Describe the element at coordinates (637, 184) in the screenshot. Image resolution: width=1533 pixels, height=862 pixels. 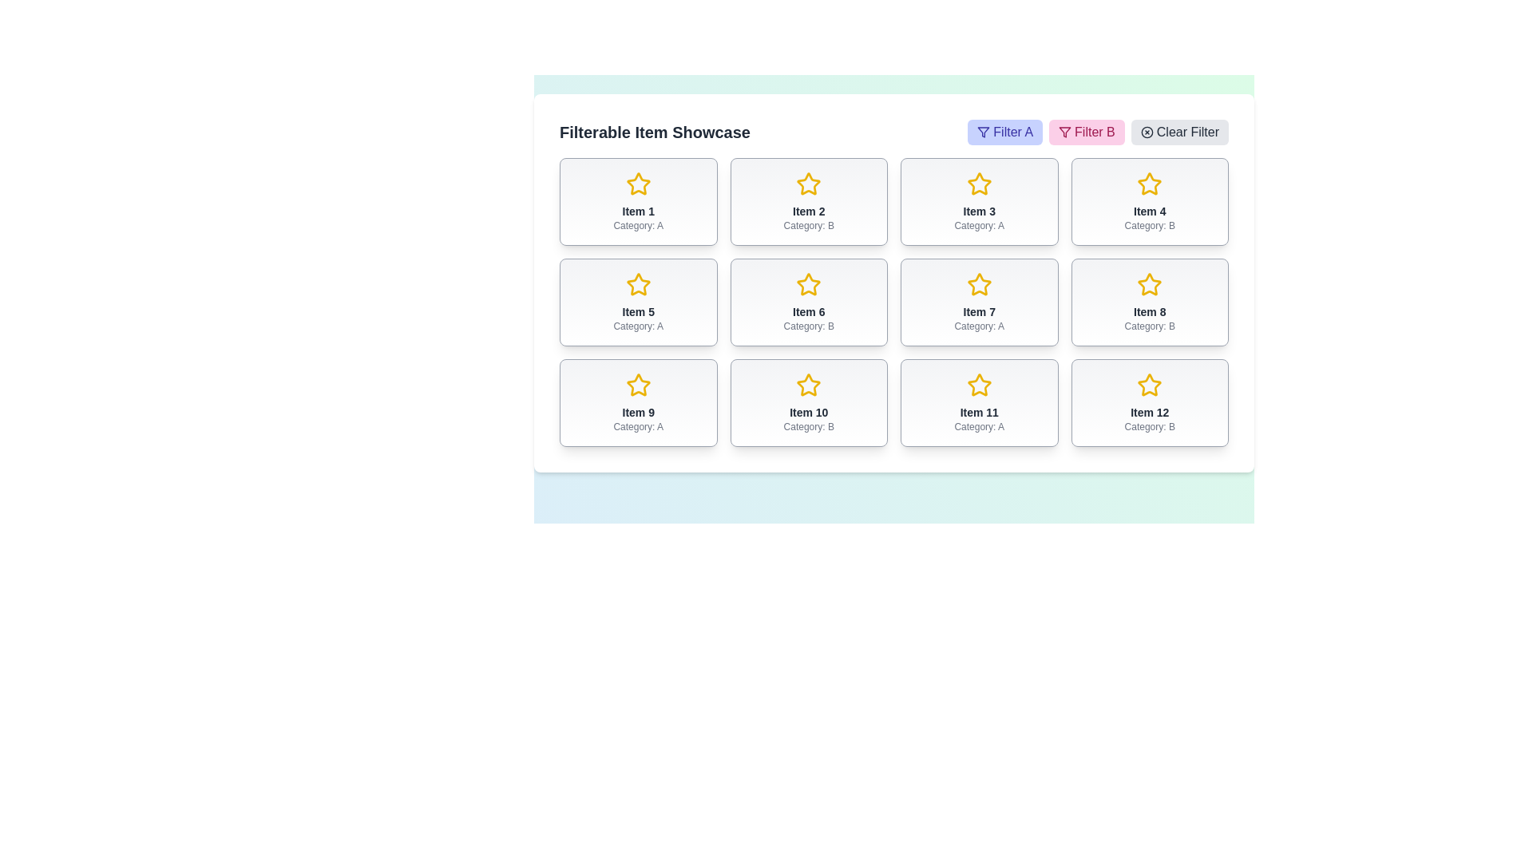
I see `the star icon with a yellow outline, which is not selected, located in the top-left card above 'Item 1' and 'Category: A' for visual feedback` at that location.